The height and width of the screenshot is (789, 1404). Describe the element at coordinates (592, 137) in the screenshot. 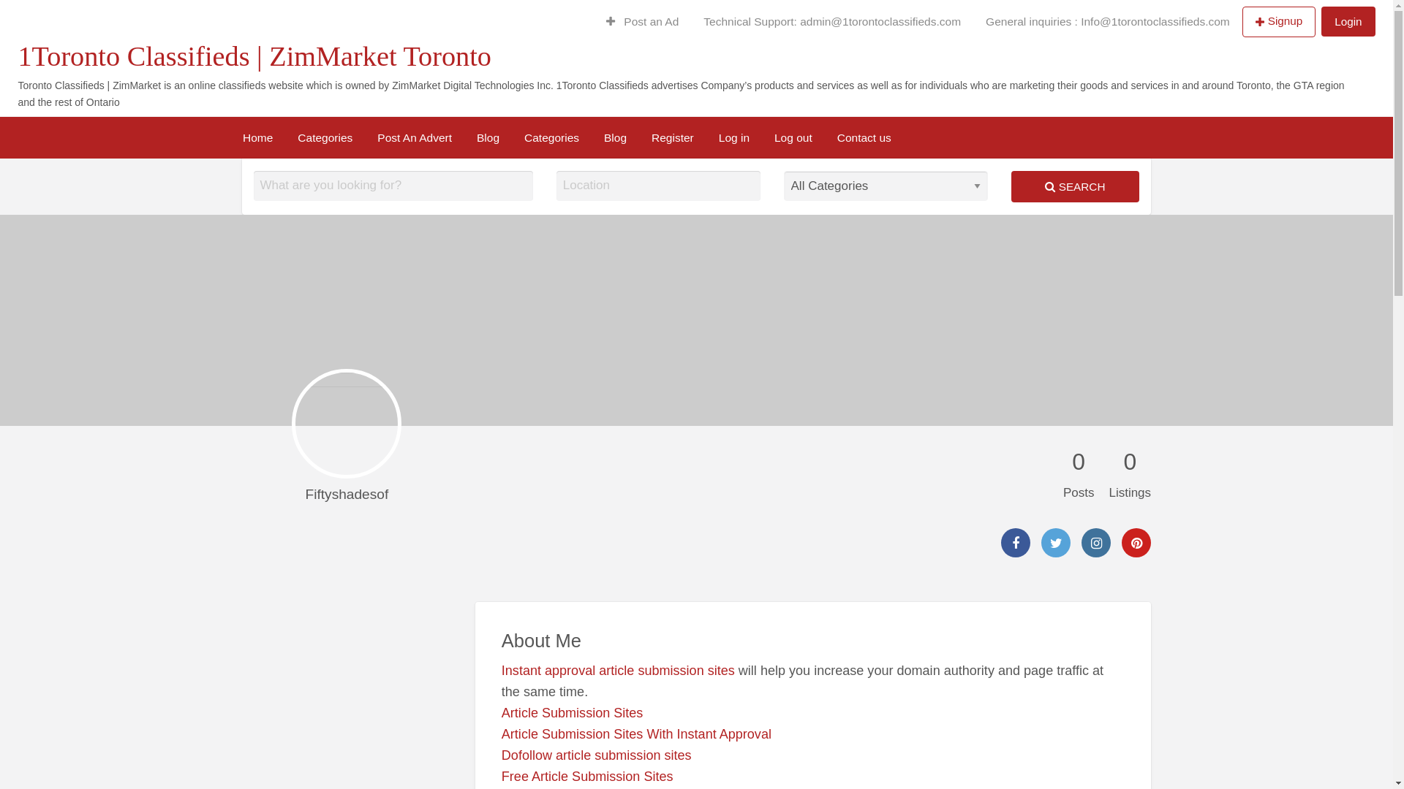

I see `'Blog'` at that location.